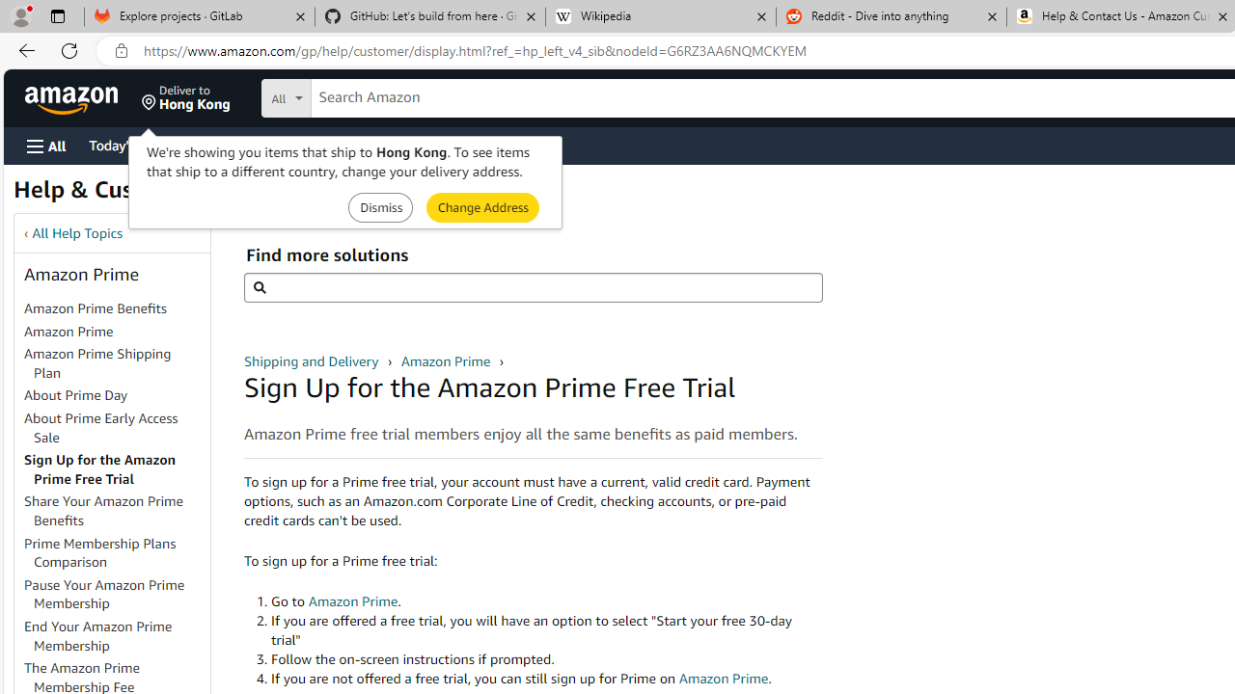 This screenshot has height=694, width=1235. I want to click on 'Amazon Prime Benefits', so click(95, 307).